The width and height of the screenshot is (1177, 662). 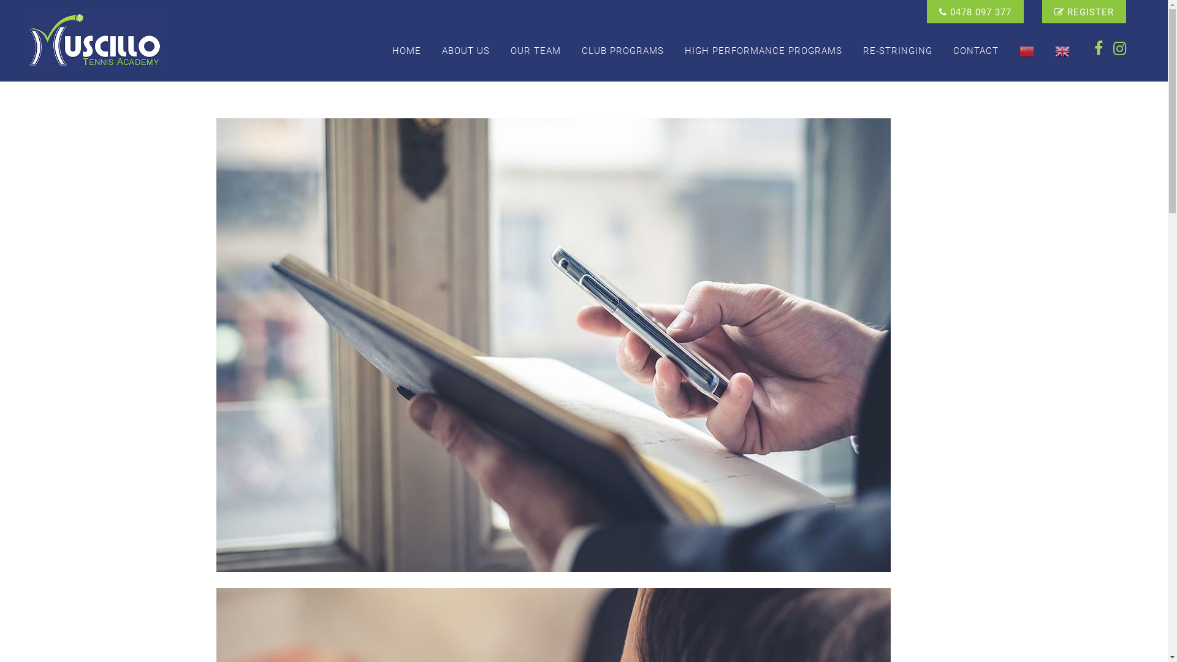 I want to click on 'REGISTER', so click(x=1084, y=12).